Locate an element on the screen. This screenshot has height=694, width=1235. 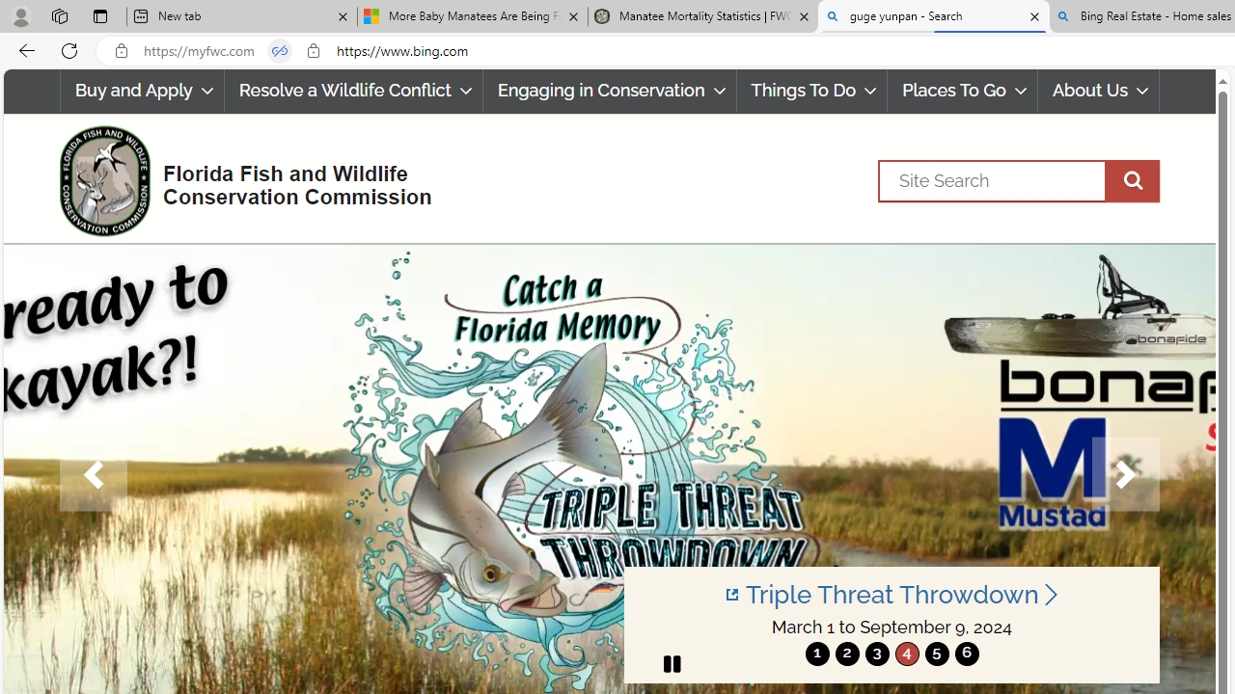
'1' is located at coordinates (817, 653).